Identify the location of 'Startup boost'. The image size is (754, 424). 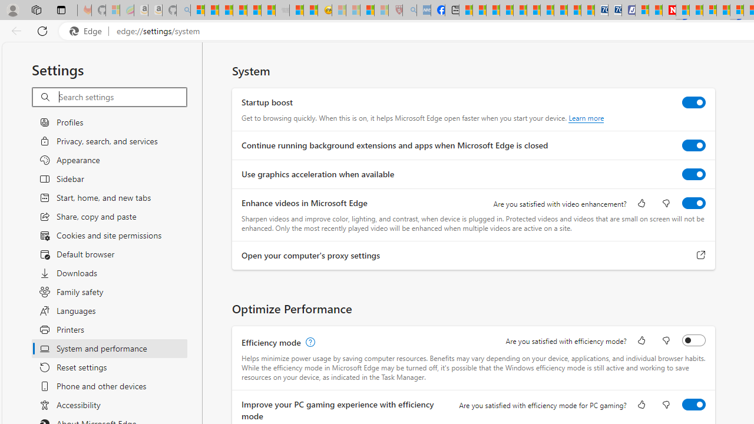
(694, 102).